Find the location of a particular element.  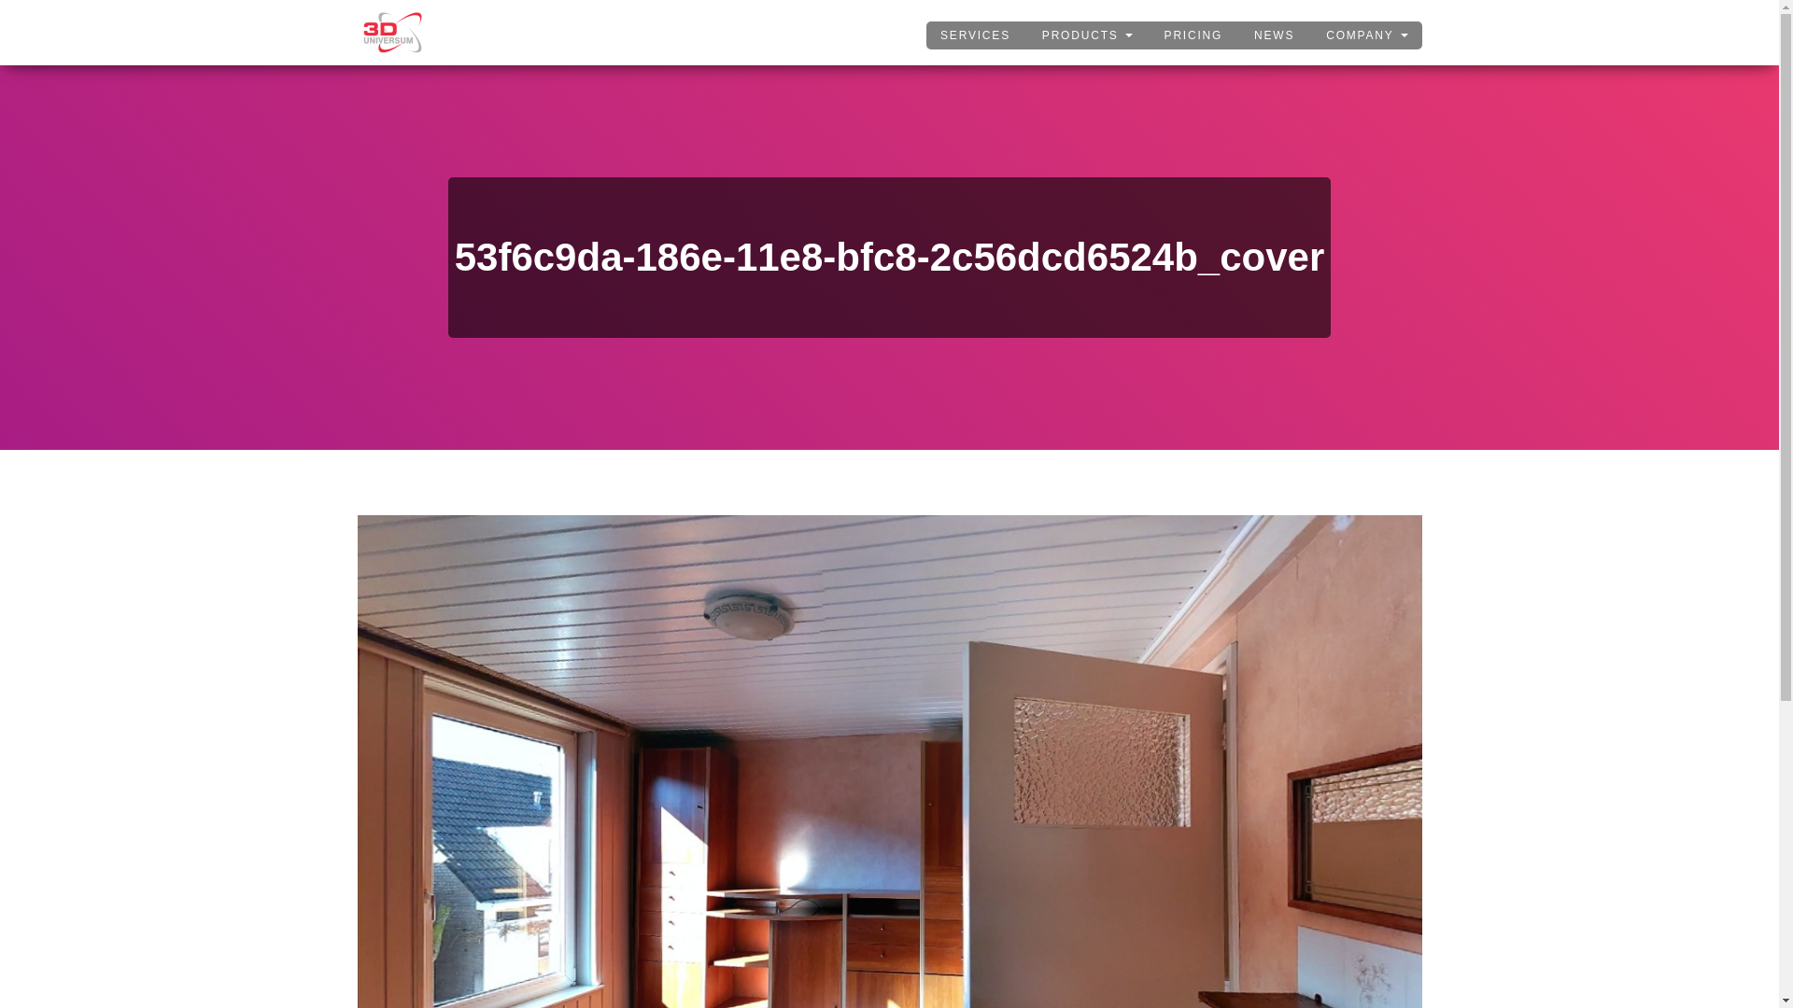

'SERVICES' is located at coordinates (974, 35).